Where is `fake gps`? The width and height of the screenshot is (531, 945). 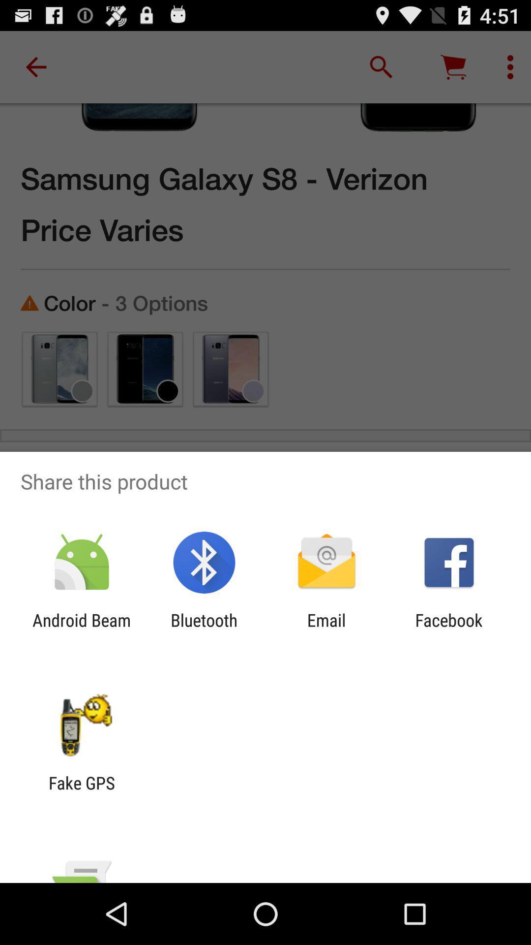 fake gps is located at coordinates (81, 793).